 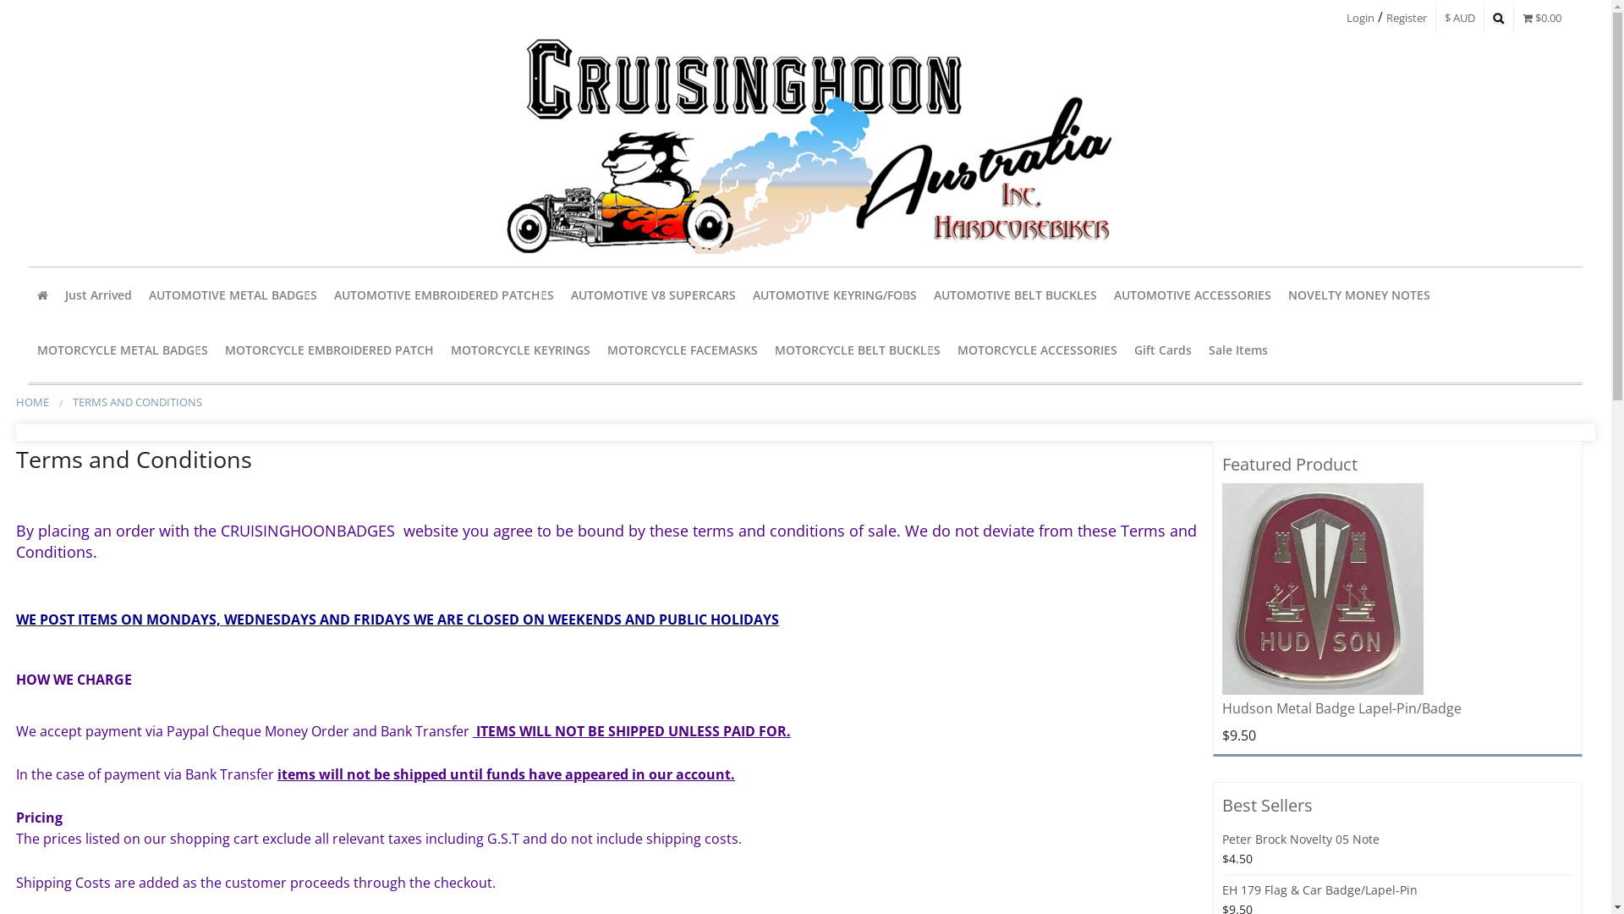 I want to click on 'Register', so click(x=1406, y=17).